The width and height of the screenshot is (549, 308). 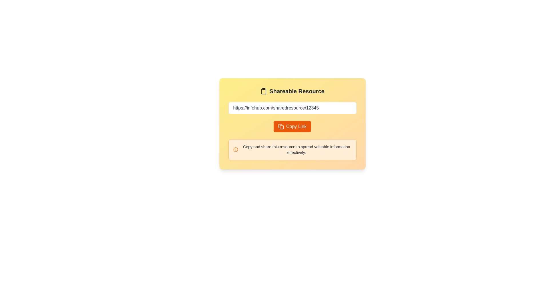 I want to click on the Circle graphical component within the SVG graphic, which serves as an icon or status indicator, so click(x=236, y=149).